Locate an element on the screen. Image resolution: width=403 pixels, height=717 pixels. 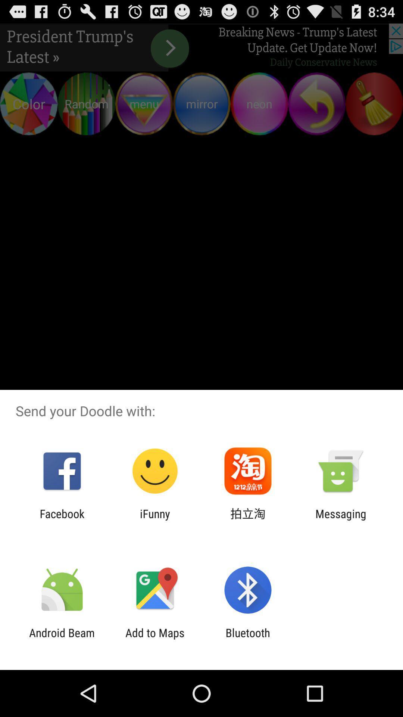
icon to the right of android beam is located at coordinates (154, 639).